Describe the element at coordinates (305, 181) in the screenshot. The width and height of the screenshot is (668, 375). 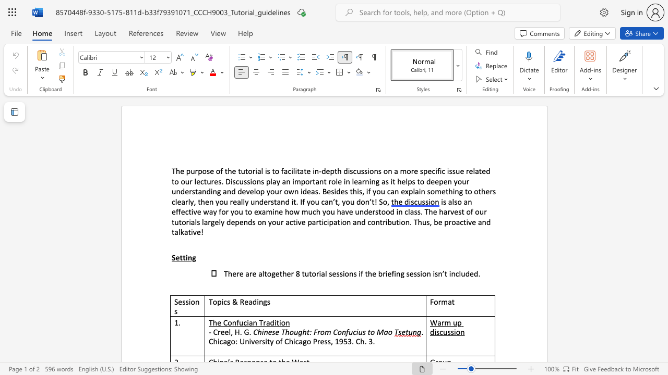
I see `the subset text "ortant" within the text "an important role"` at that location.